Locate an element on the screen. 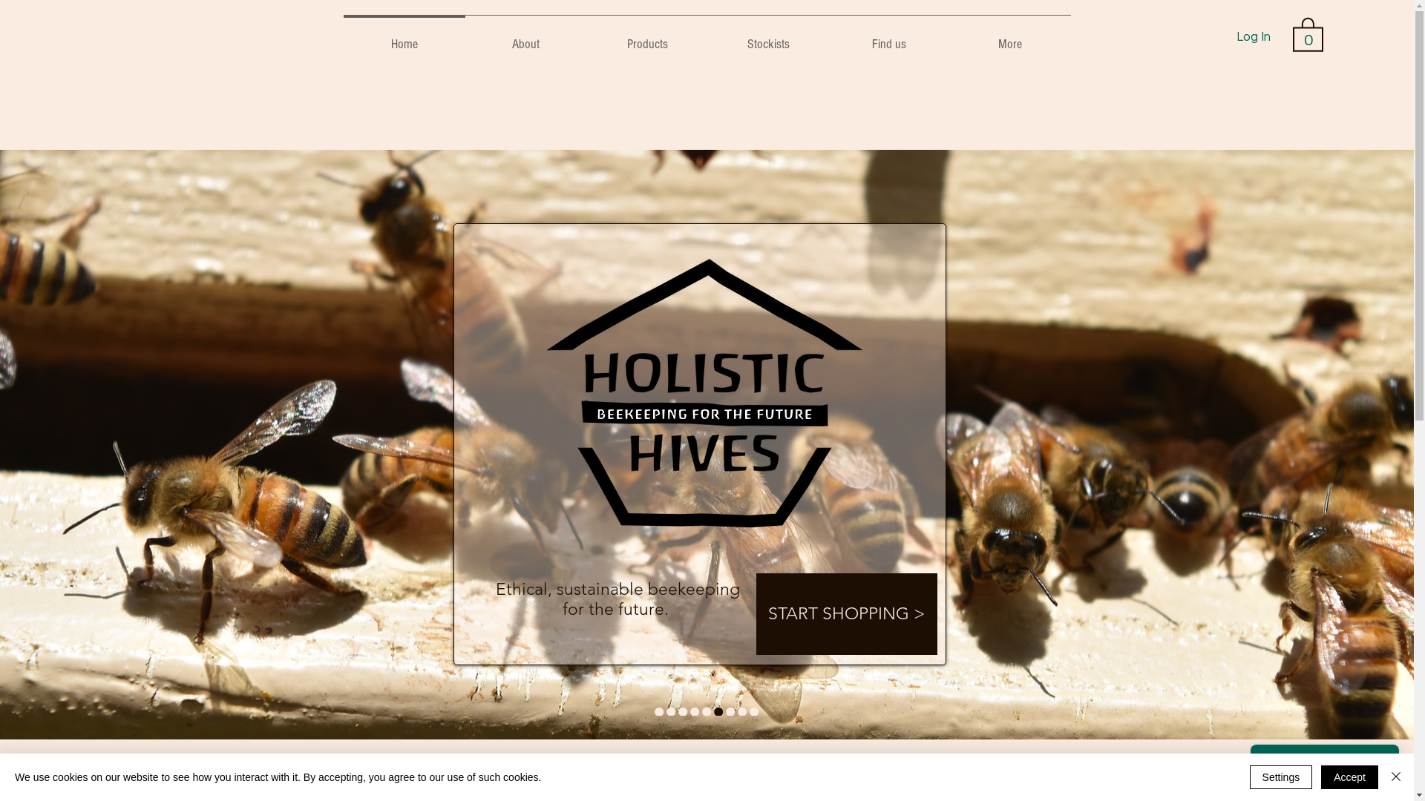 The height and width of the screenshot is (801, 1425). '0' is located at coordinates (1308, 33).